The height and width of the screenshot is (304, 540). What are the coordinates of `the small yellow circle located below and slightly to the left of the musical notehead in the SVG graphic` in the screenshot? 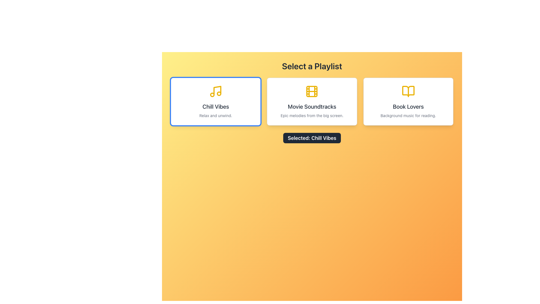 It's located at (212, 94).